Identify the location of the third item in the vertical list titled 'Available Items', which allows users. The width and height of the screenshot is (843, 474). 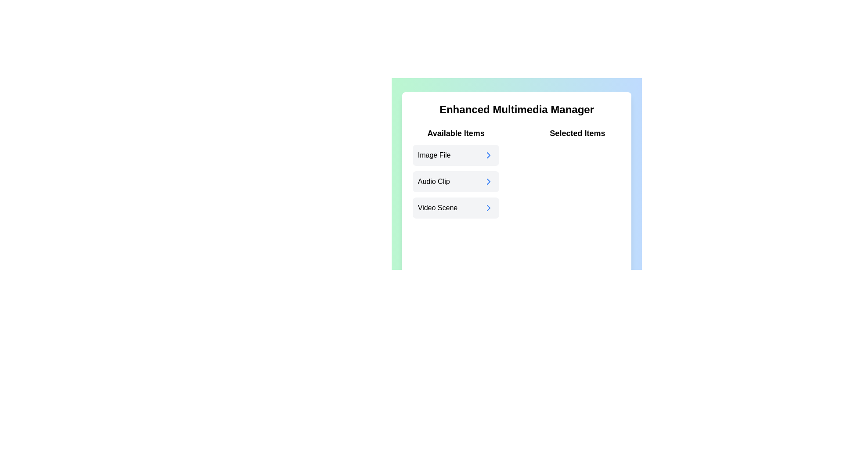
(456, 208).